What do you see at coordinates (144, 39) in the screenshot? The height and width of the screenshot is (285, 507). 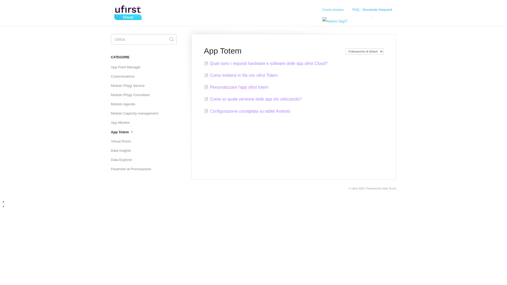 I see `'search-query'` at bounding box center [144, 39].